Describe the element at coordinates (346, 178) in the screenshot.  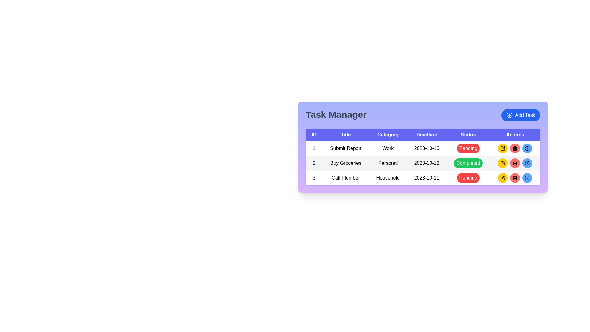
I see `the text label that reads 'Call Plumber' located in the third row under the 'Title' column of the 'Task Manager' table` at that location.